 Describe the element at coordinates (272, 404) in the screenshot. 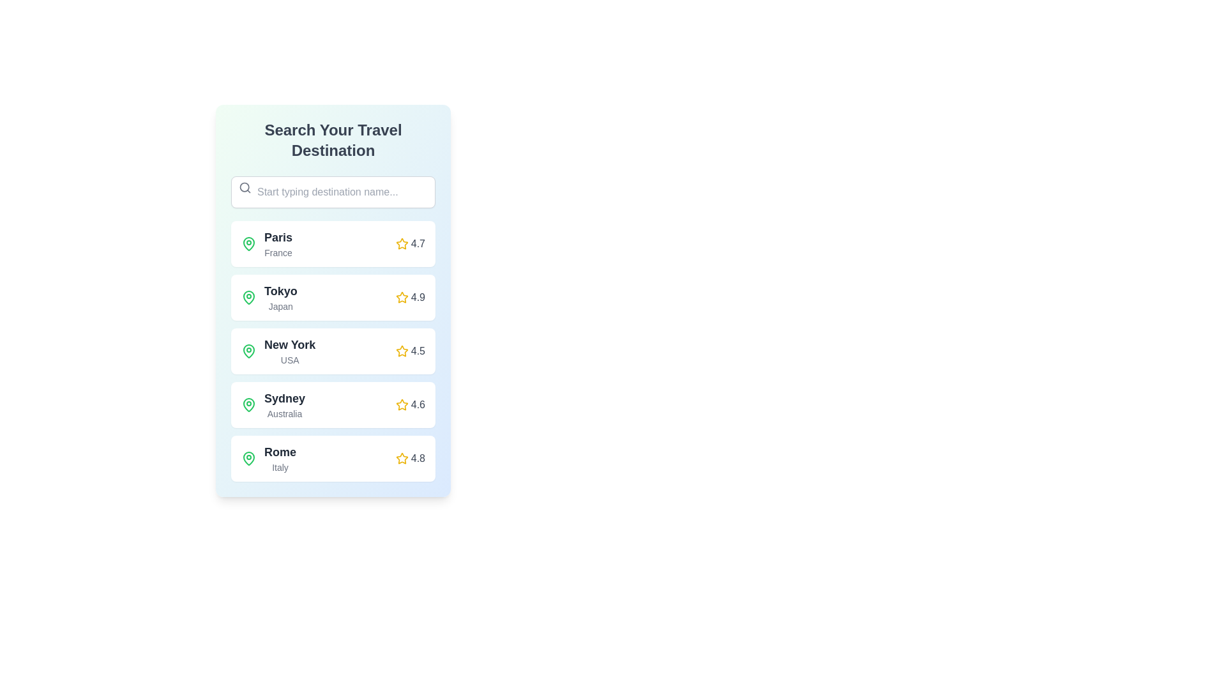

I see `the text display component showing 'Sydney' in bold black font and 'Australia' in smaller gray font, located within the fourth item of a vertically stacked list` at that location.